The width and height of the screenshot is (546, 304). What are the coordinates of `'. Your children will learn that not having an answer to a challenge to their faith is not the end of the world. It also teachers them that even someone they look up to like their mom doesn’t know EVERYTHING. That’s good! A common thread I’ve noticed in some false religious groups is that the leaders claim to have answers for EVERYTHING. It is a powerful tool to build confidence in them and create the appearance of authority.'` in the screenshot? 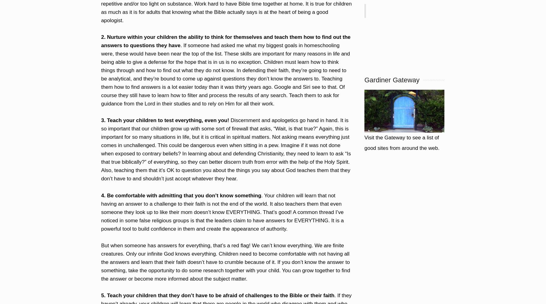 It's located at (222, 212).